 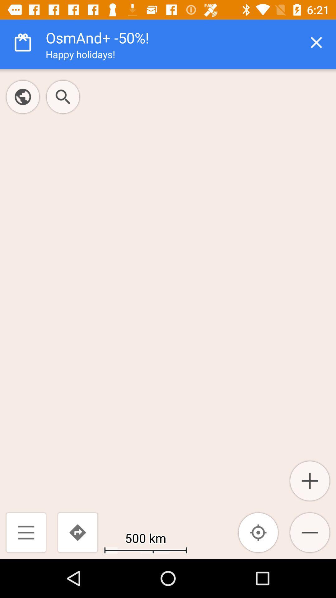 I want to click on icon next to osmand+ -50%!, so click(x=316, y=42).